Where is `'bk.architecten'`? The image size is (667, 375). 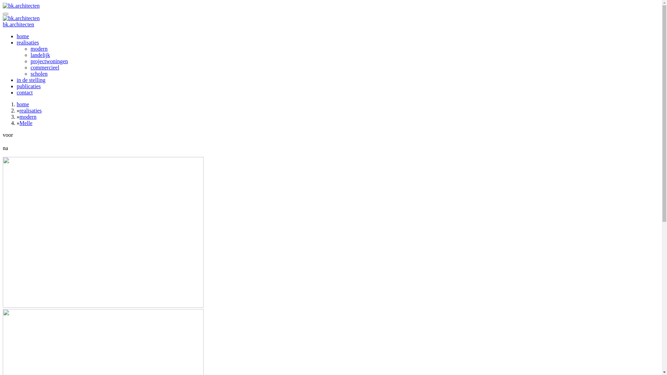
'bk.architecten' is located at coordinates (21, 6).